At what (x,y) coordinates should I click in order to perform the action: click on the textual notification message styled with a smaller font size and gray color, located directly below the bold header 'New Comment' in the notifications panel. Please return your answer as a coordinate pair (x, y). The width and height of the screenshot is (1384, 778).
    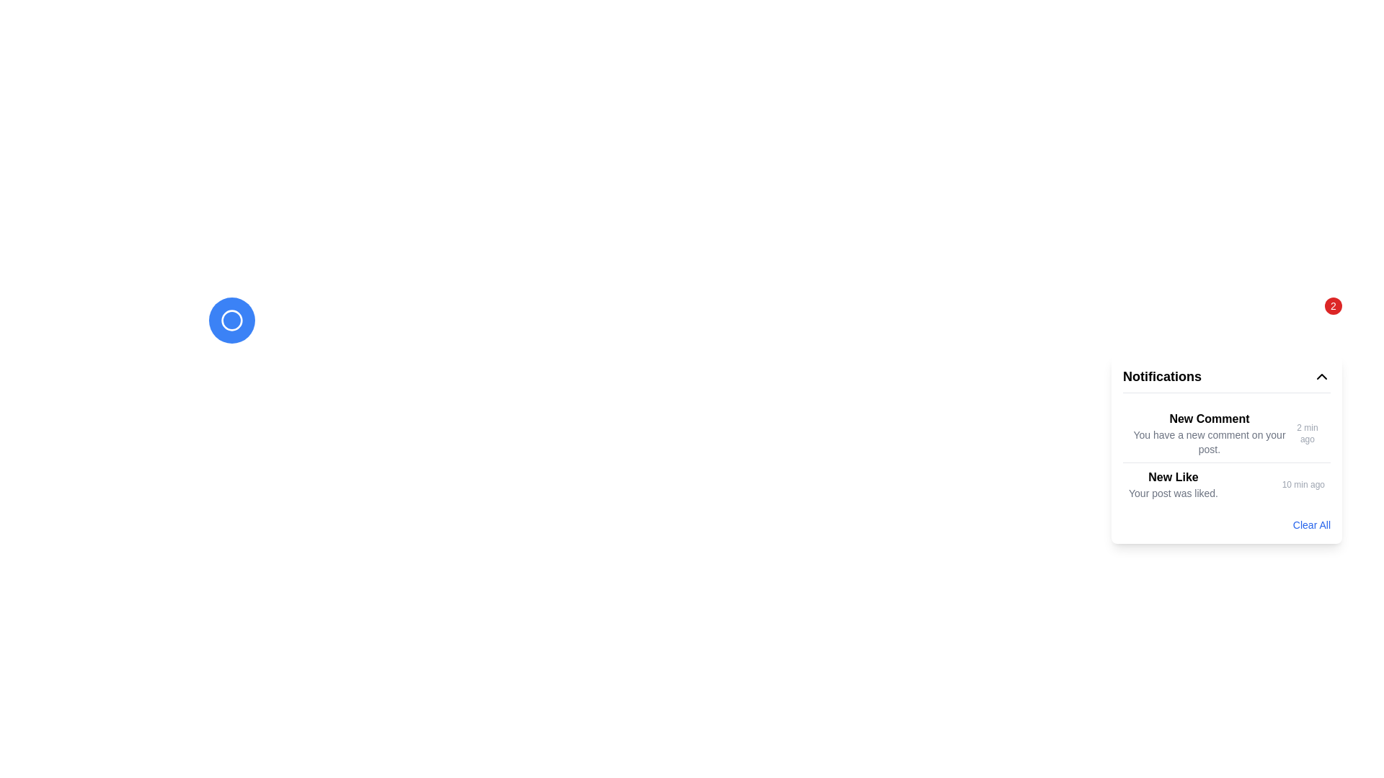
    Looking at the image, I should click on (1209, 441).